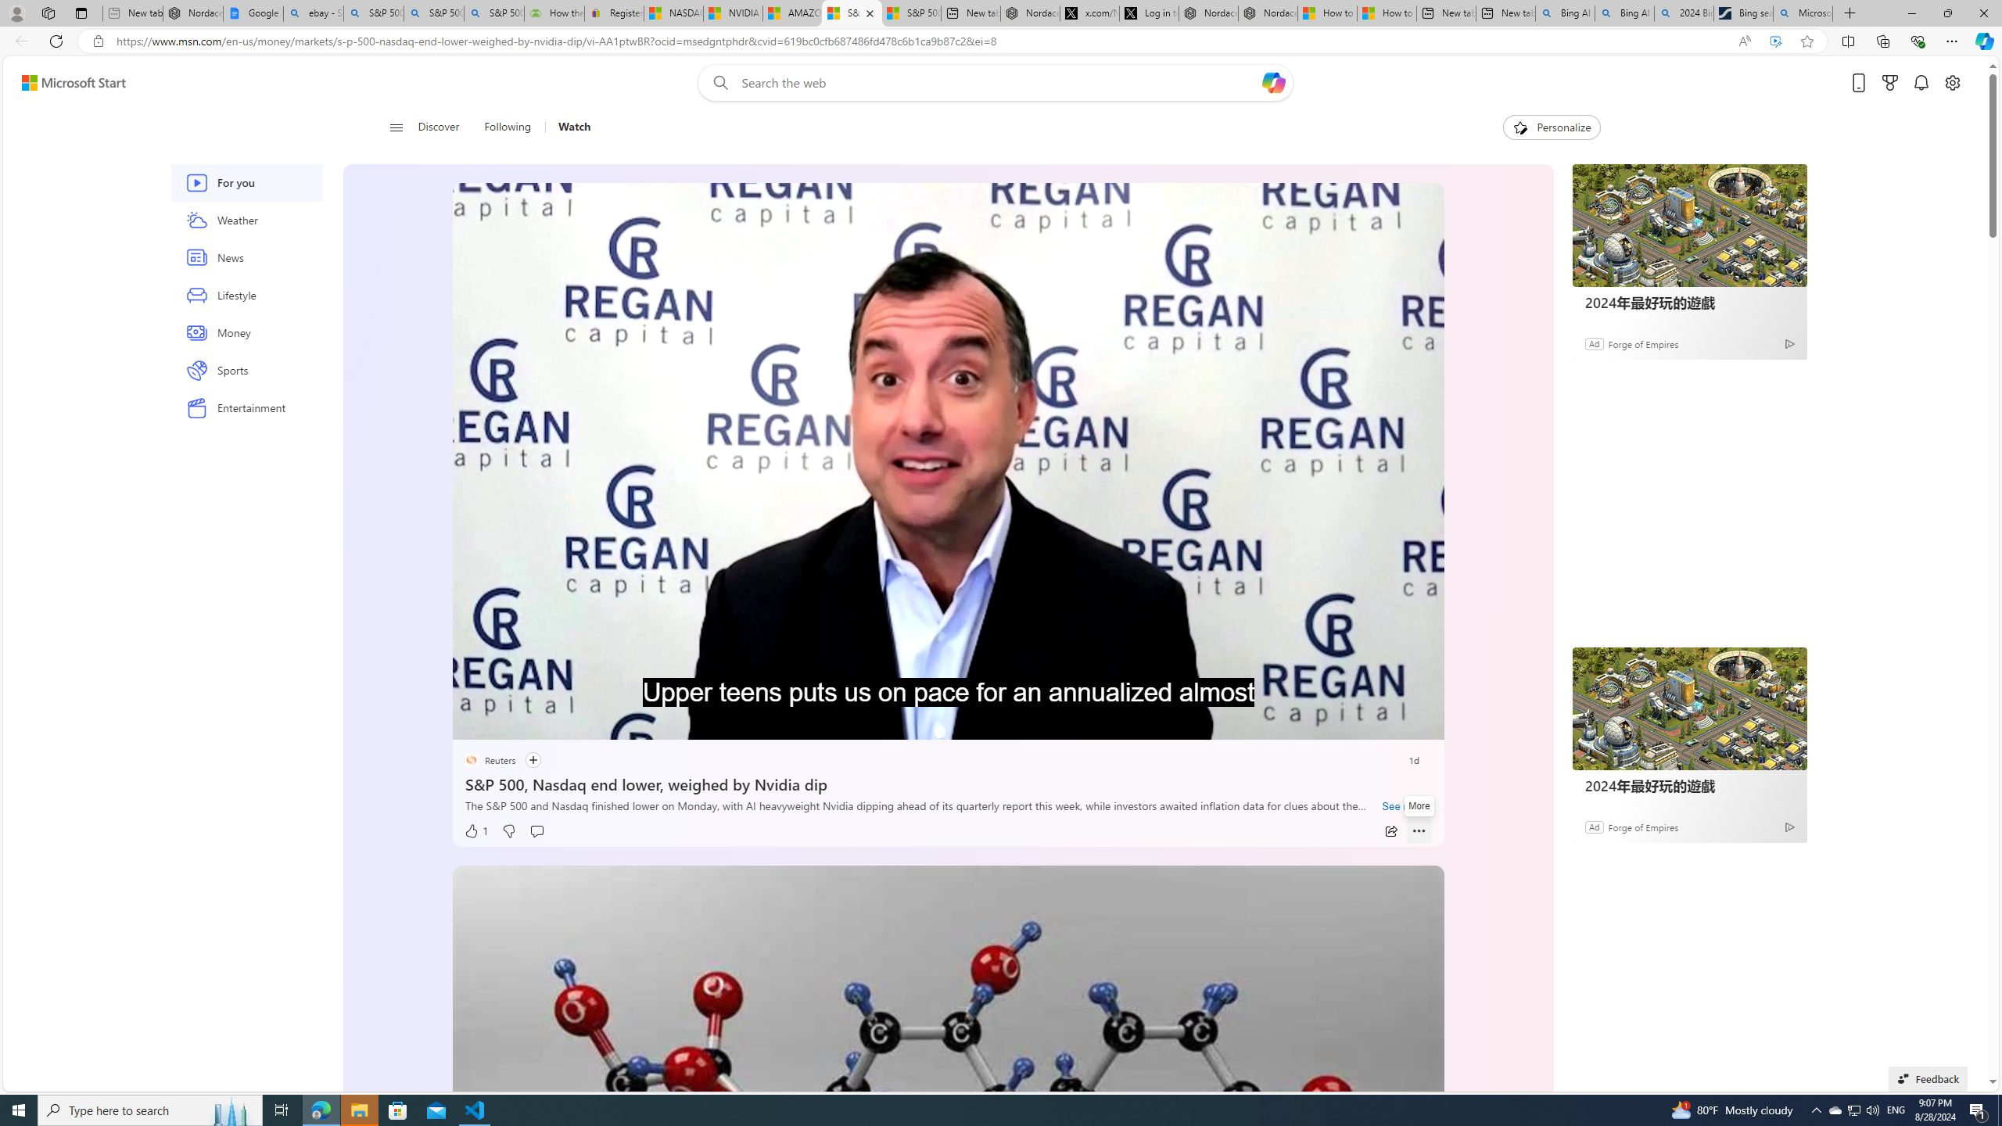 This screenshot has width=2002, height=1126. Describe the element at coordinates (395, 127) in the screenshot. I see `'Class: button-glyph'` at that location.